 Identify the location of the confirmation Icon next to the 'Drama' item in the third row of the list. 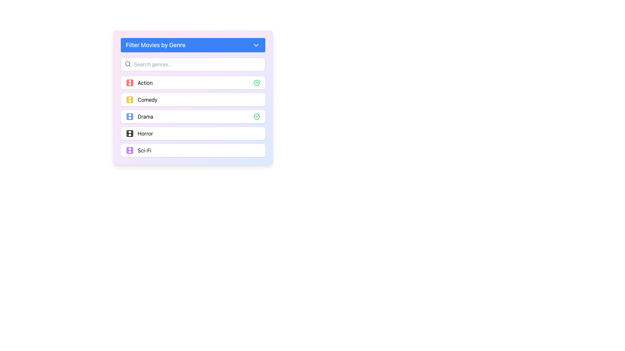
(256, 82).